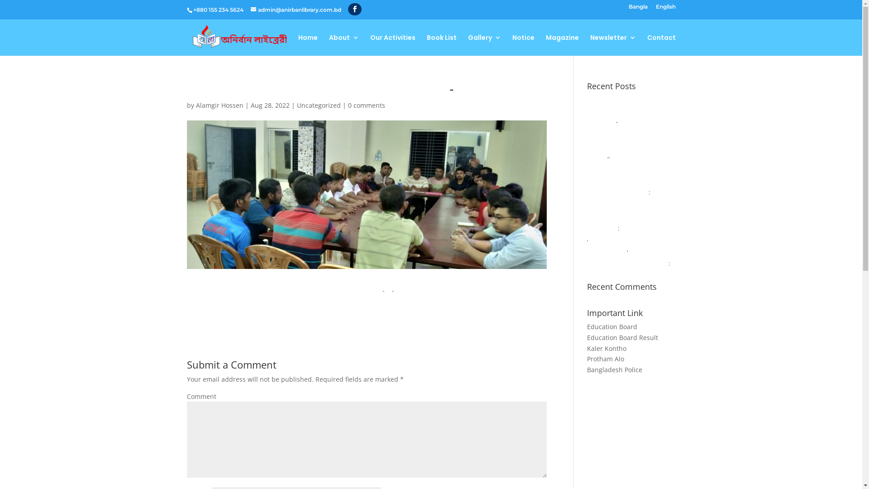  Describe the element at coordinates (296, 10) in the screenshot. I see `'admin@anirbanlibrary.com.bd'` at that location.